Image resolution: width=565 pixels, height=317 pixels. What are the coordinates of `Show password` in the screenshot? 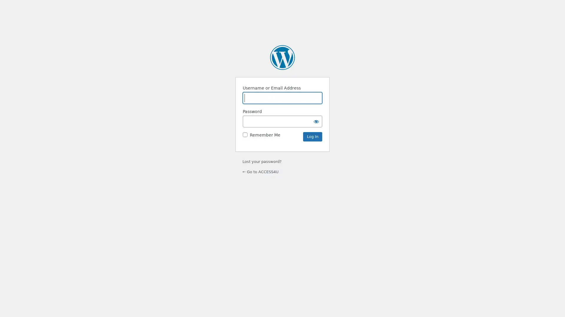 It's located at (316, 121).